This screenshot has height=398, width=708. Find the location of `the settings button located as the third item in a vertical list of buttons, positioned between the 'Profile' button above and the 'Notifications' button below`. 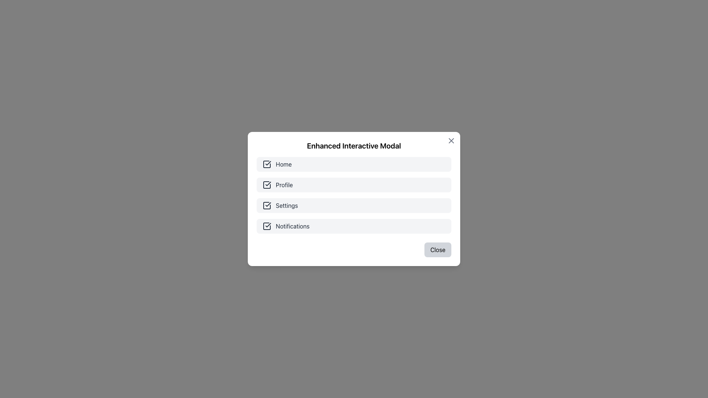

the settings button located as the third item in a vertical list of buttons, positioned between the 'Profile' button above and the 'Notifications' button below is located at coordinates (354, 206).